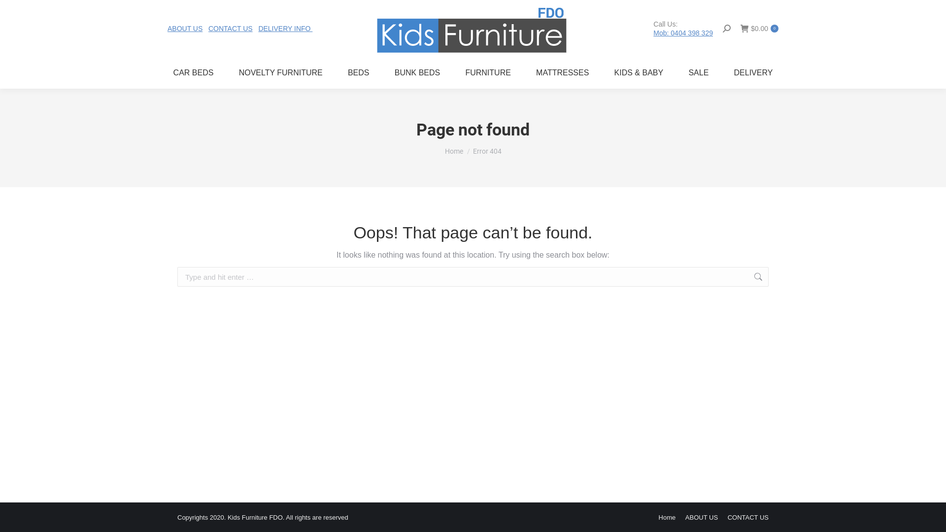 This screenshot has height=532, width=946. I want to click on 'MATTRESSES', so click(562, 72).